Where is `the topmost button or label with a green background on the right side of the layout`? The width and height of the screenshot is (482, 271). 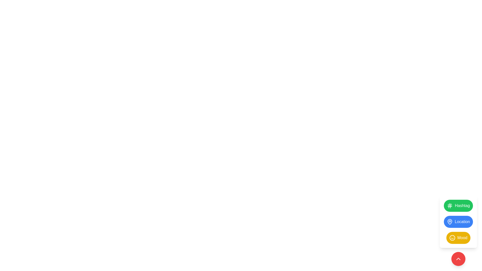 the topmost button or label with a green background on the right side of the layout is located at coordinates (462, 206).